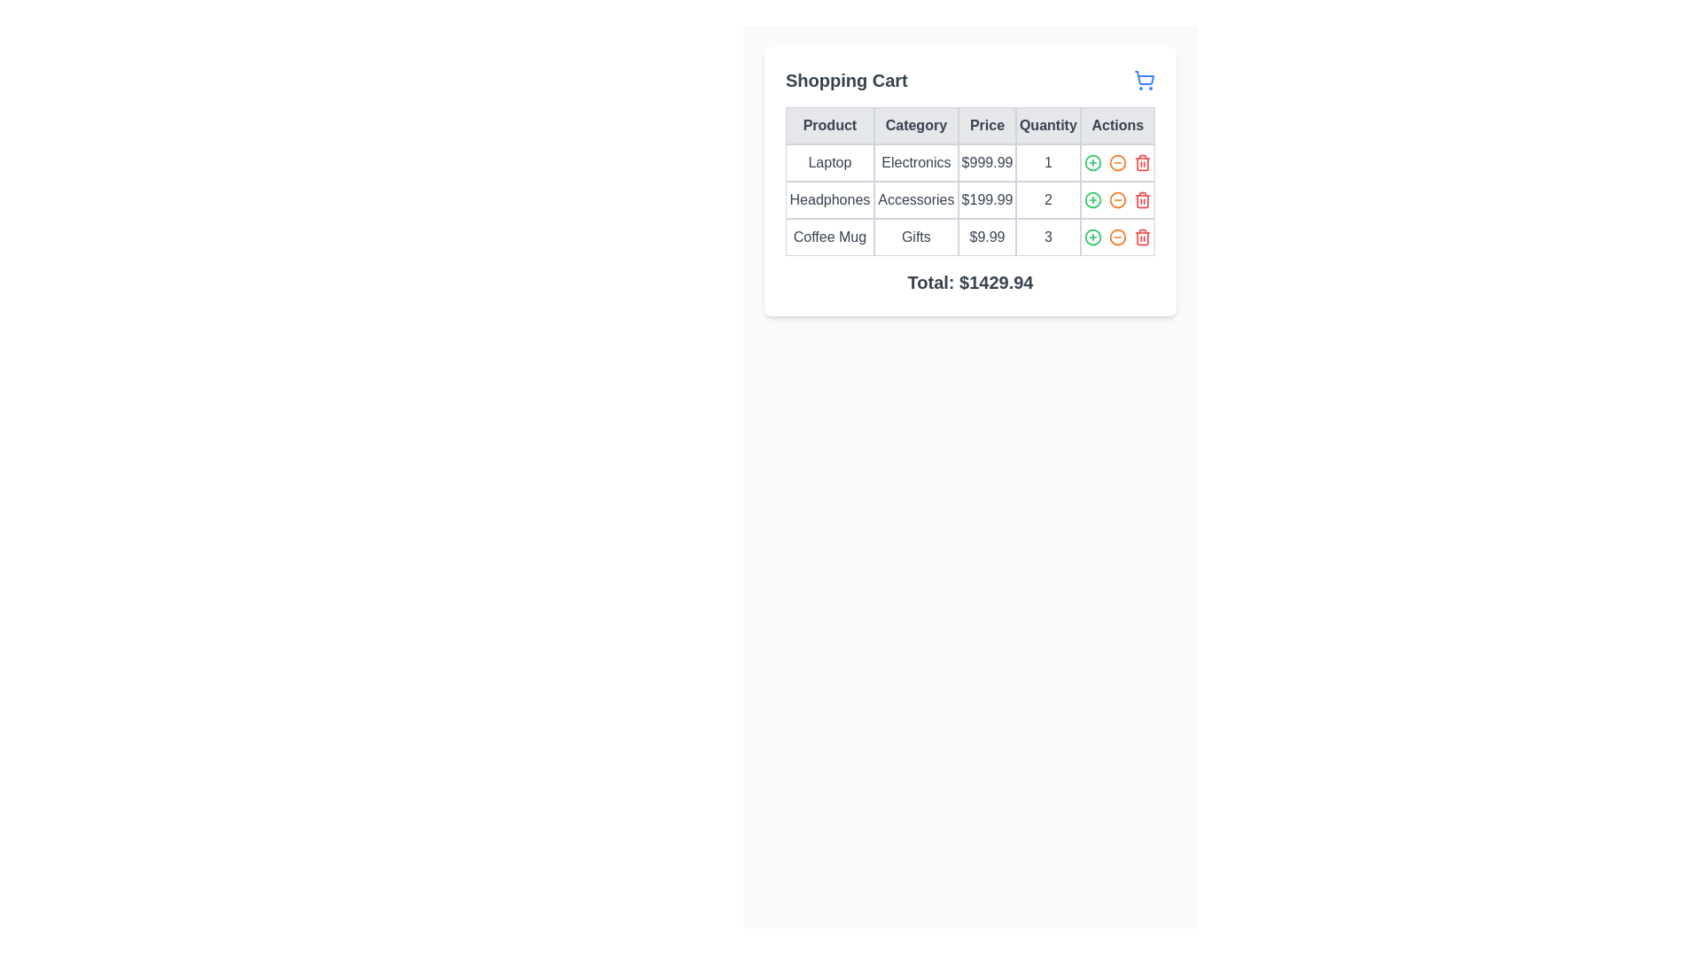 The height and width of the screenshot is (957, 1701). Describe the element at coordinates (1091, 163) in the screenshot. I see `the circular green outlined button with a plus sign (+) in the first row of the 'Actions' column corresponding to the 'Laptop' product` at that location.